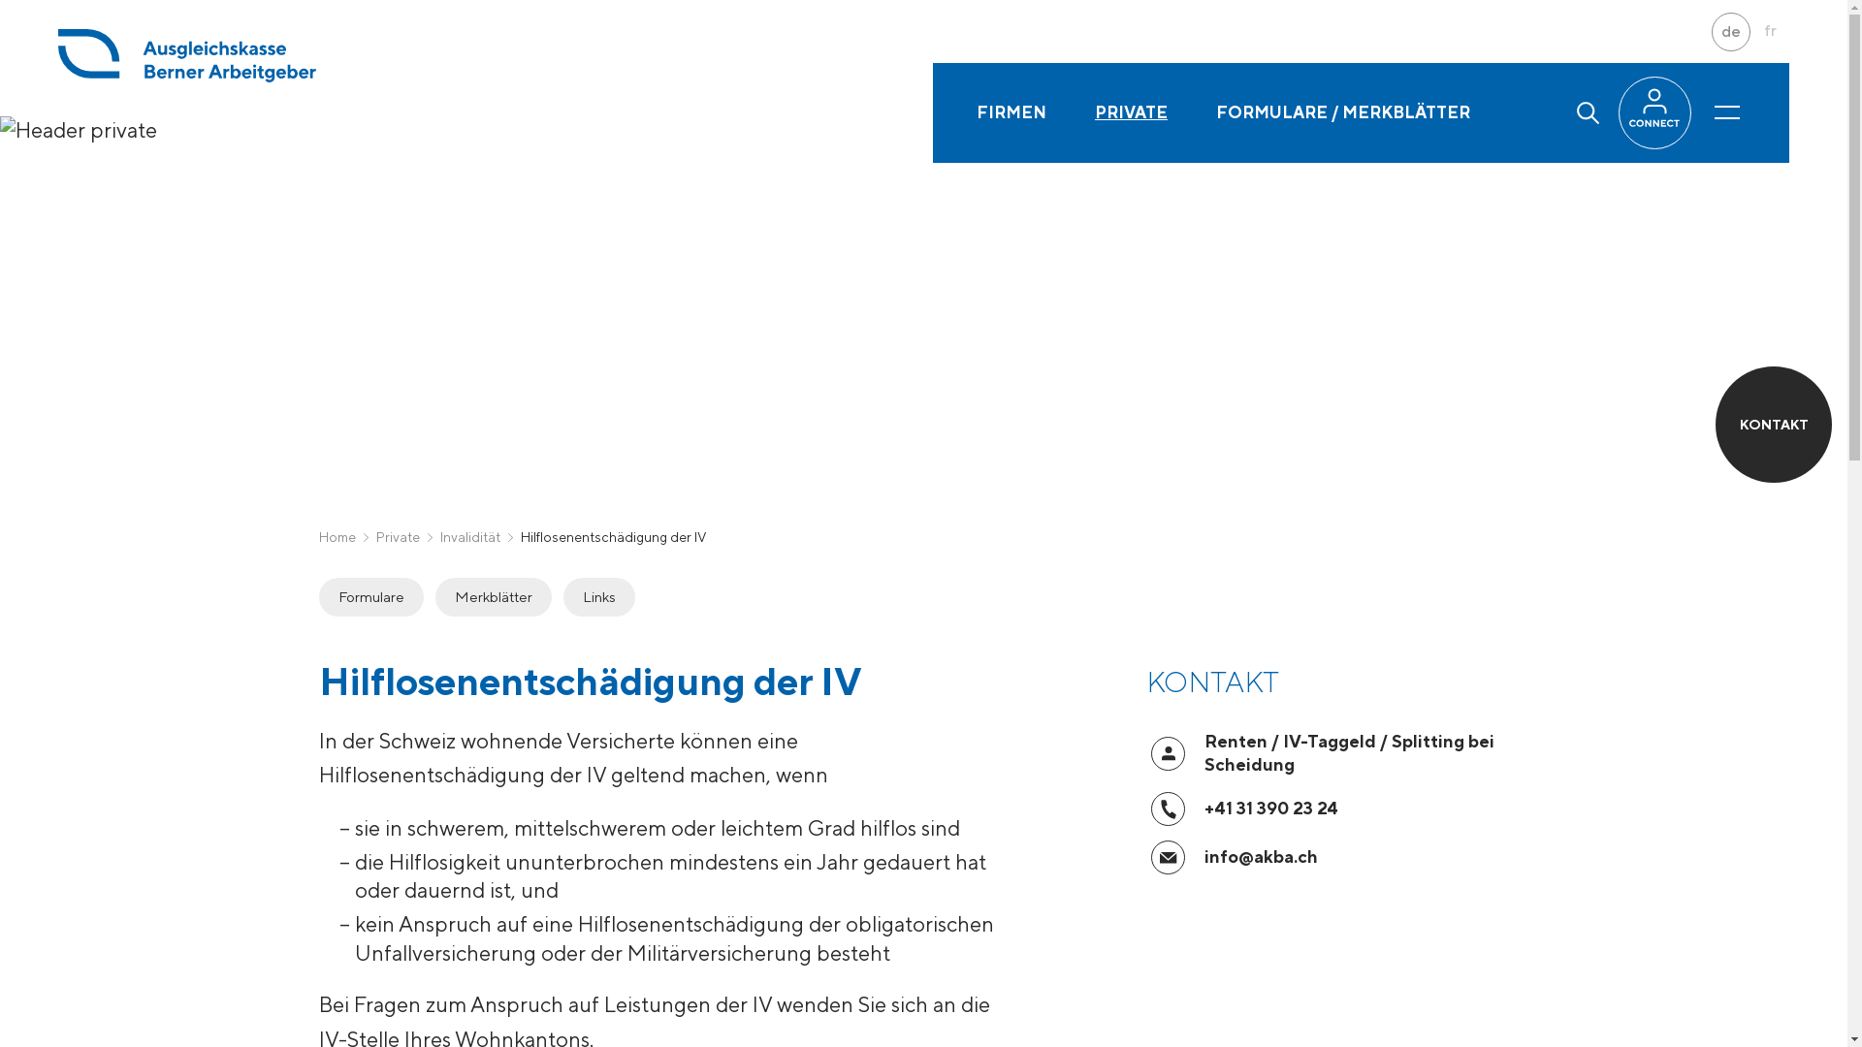 The height and width of the screenshot is (1047, 1862). Describe the element at coordinates (1773, 424) in the screenshot. I see `'KONTAKT'` at that location.